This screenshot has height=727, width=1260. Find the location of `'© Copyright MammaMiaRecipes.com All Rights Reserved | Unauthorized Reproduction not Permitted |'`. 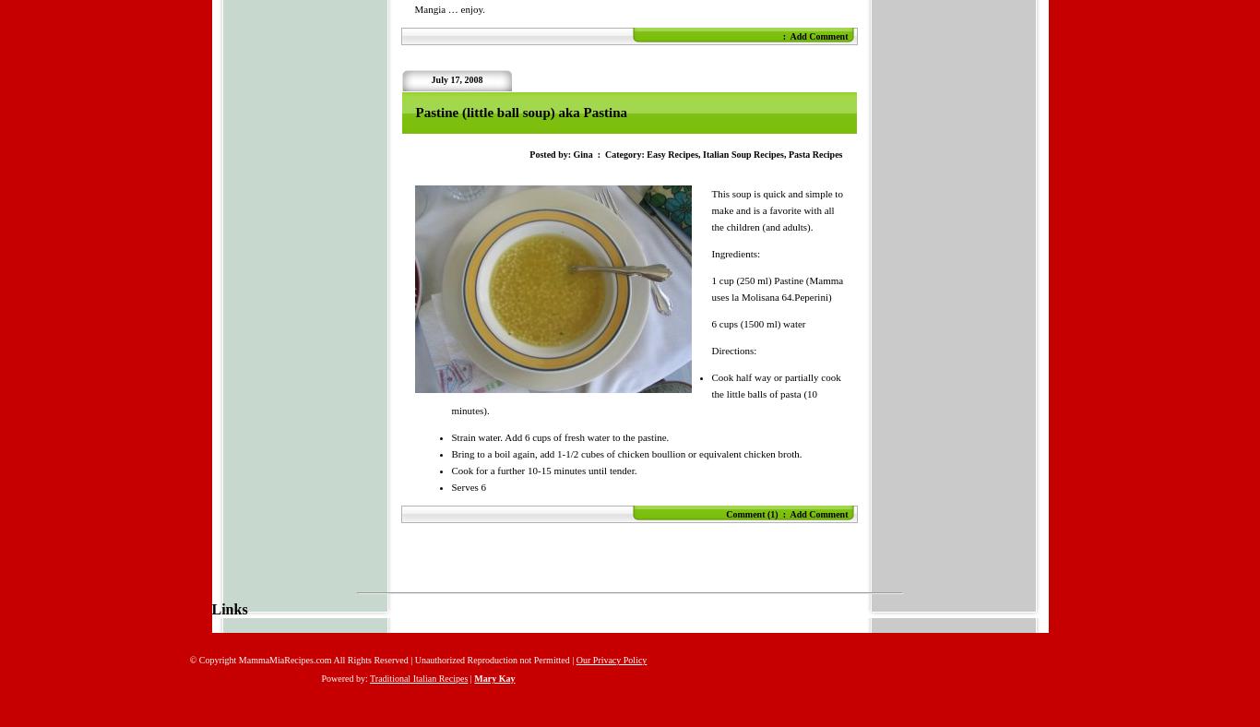

'© Copyright MammaMiaRecipes.com All Rights Reserved | Unauthorized Reproduction not Permitted |' is located at coordinates (381, 660).